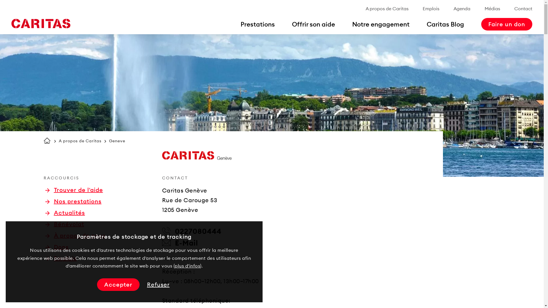  What do you see at coordinates (174, 266) in the screenshot?
I see `'plus d'infos'` at bounding box center [174, 266].